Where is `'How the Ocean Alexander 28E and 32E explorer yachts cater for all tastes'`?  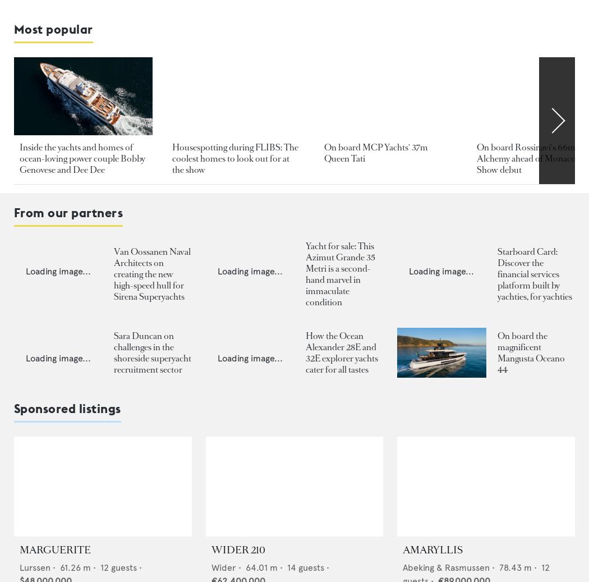 'How the Ocean Alexander 28E and 32E explorer yachts cater for all tastes' is located at coordinates (341, 352).